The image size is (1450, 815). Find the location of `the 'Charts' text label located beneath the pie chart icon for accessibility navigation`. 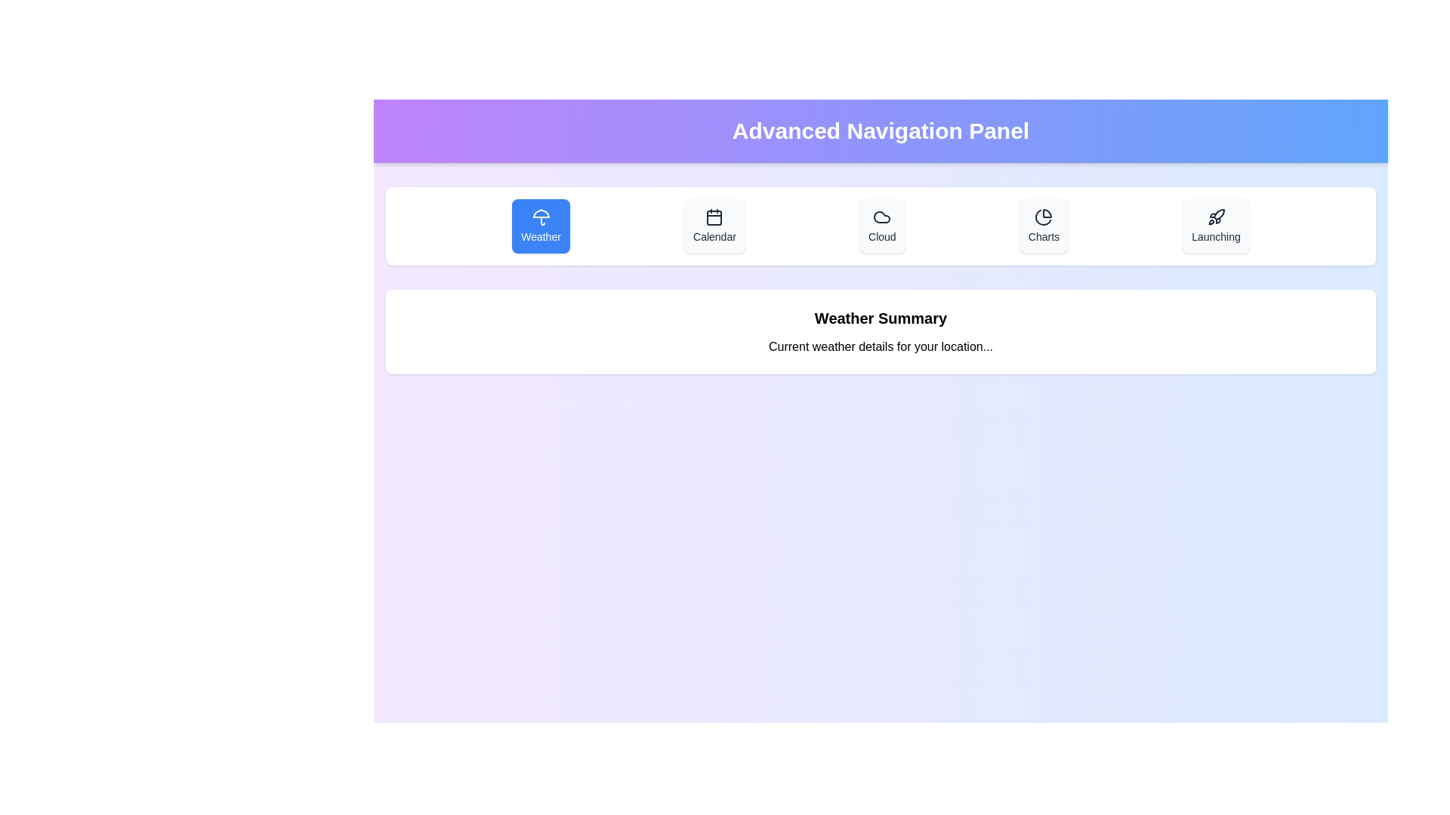

the 'Charts' text label located beneath the pie chart icon for accessibility navigation is located at coordinates (1043, 236).